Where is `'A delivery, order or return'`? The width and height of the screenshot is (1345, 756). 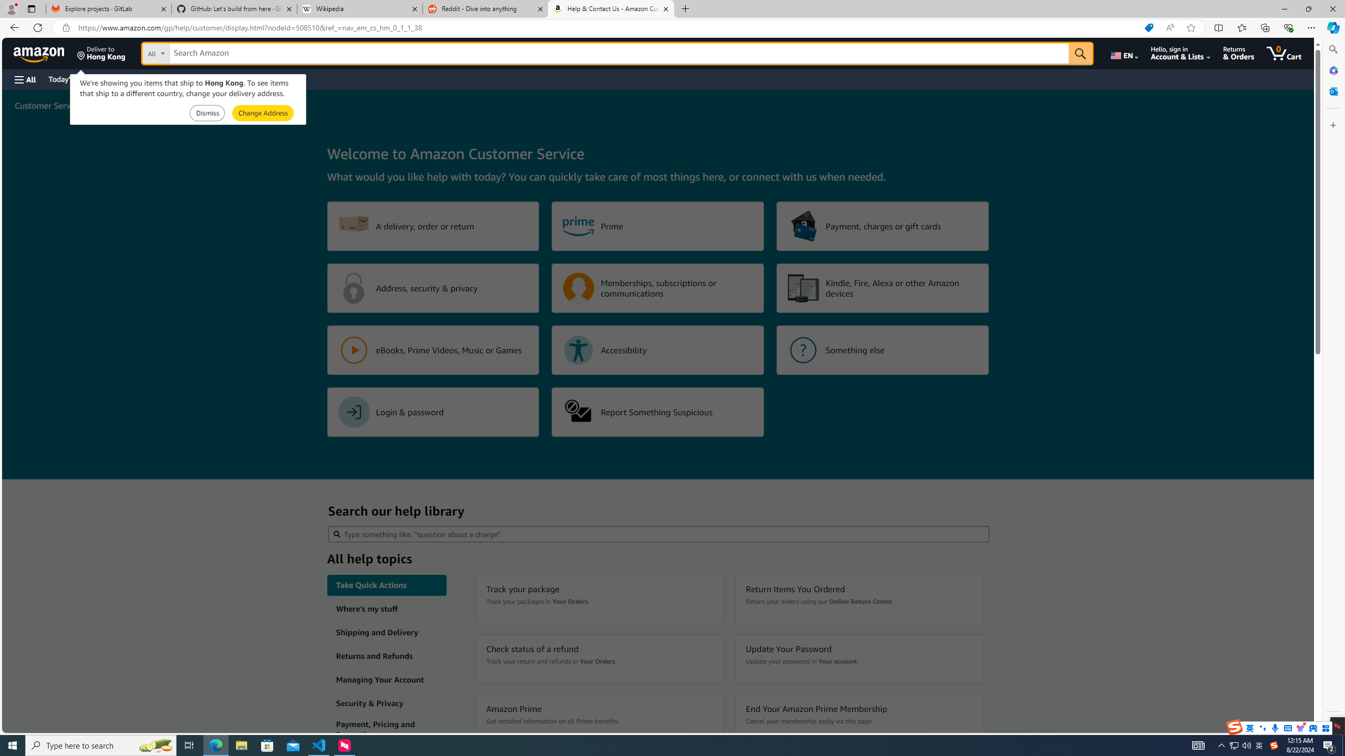
'A delivery, order or return' is located at coordinates (432, 226).